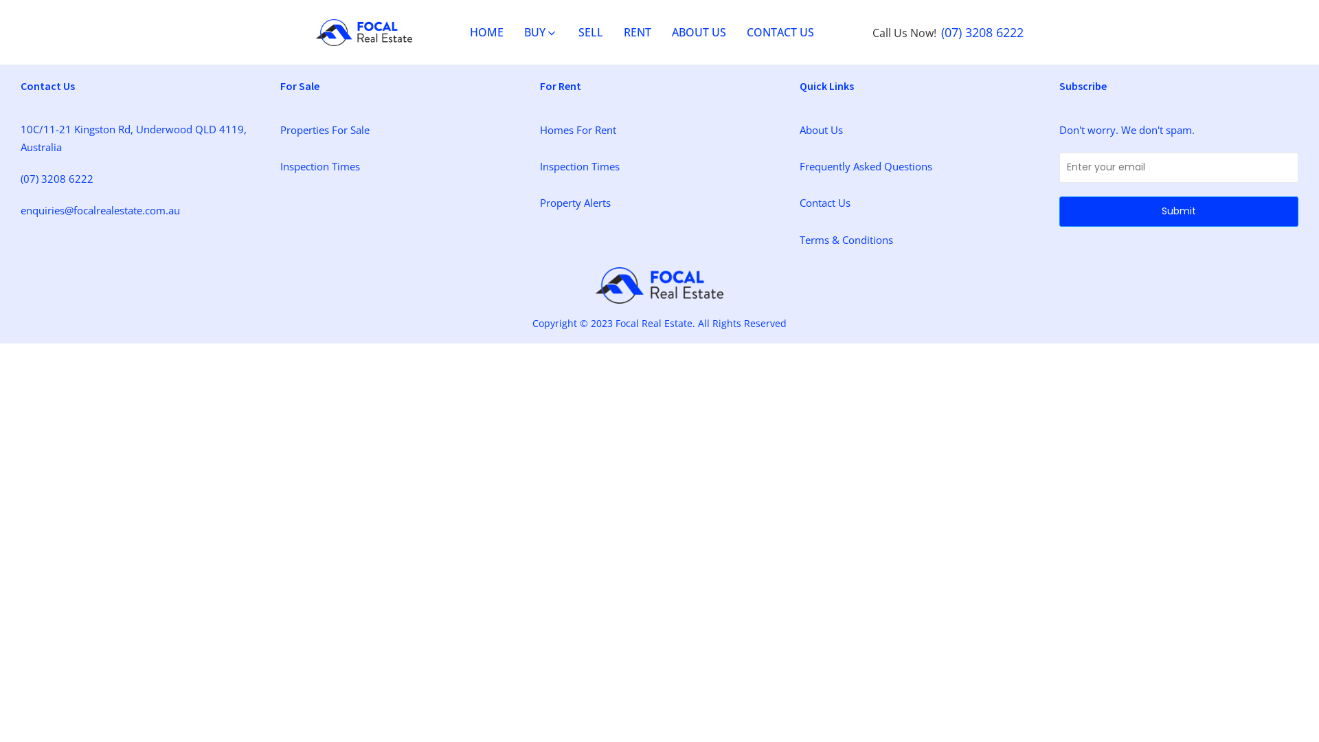 The width and height of the screenshot is (1319, 742). I want to click on 'Frequently Asked Questions', so click(865, 166).